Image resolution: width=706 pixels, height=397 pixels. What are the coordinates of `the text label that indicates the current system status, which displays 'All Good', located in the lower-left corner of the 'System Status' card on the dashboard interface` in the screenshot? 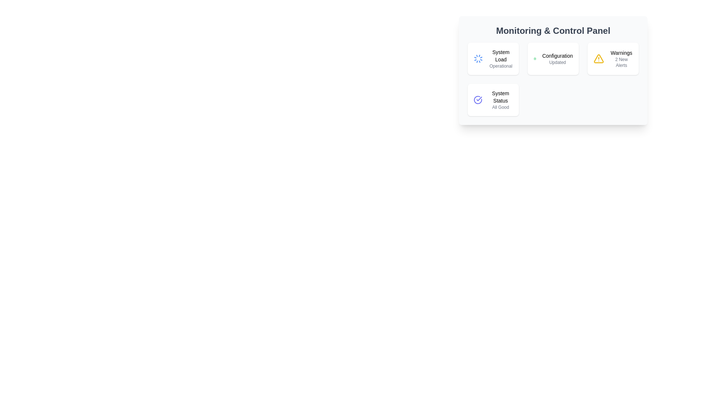 It's located at (500, 107).